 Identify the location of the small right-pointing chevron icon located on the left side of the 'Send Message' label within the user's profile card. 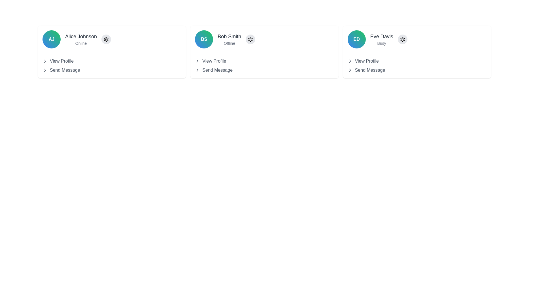
(44, 70).